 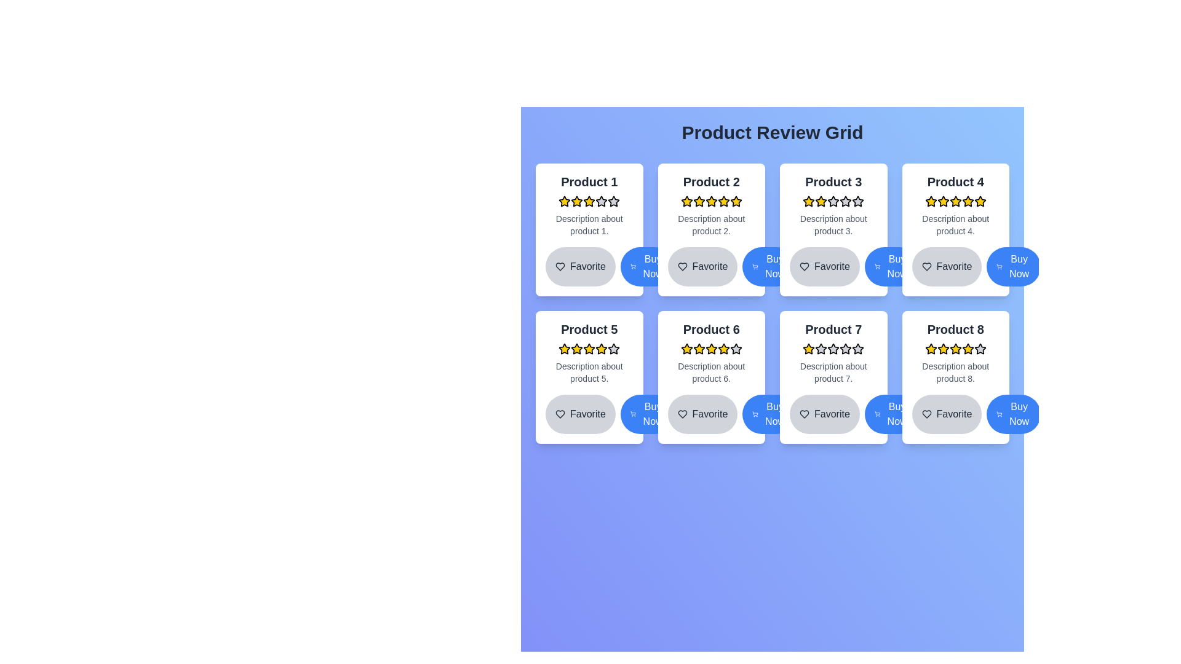 I want to click on the fourth Rating Star Icon for 'Product 7' to provide or update the rating, so click(x=833, y=349).